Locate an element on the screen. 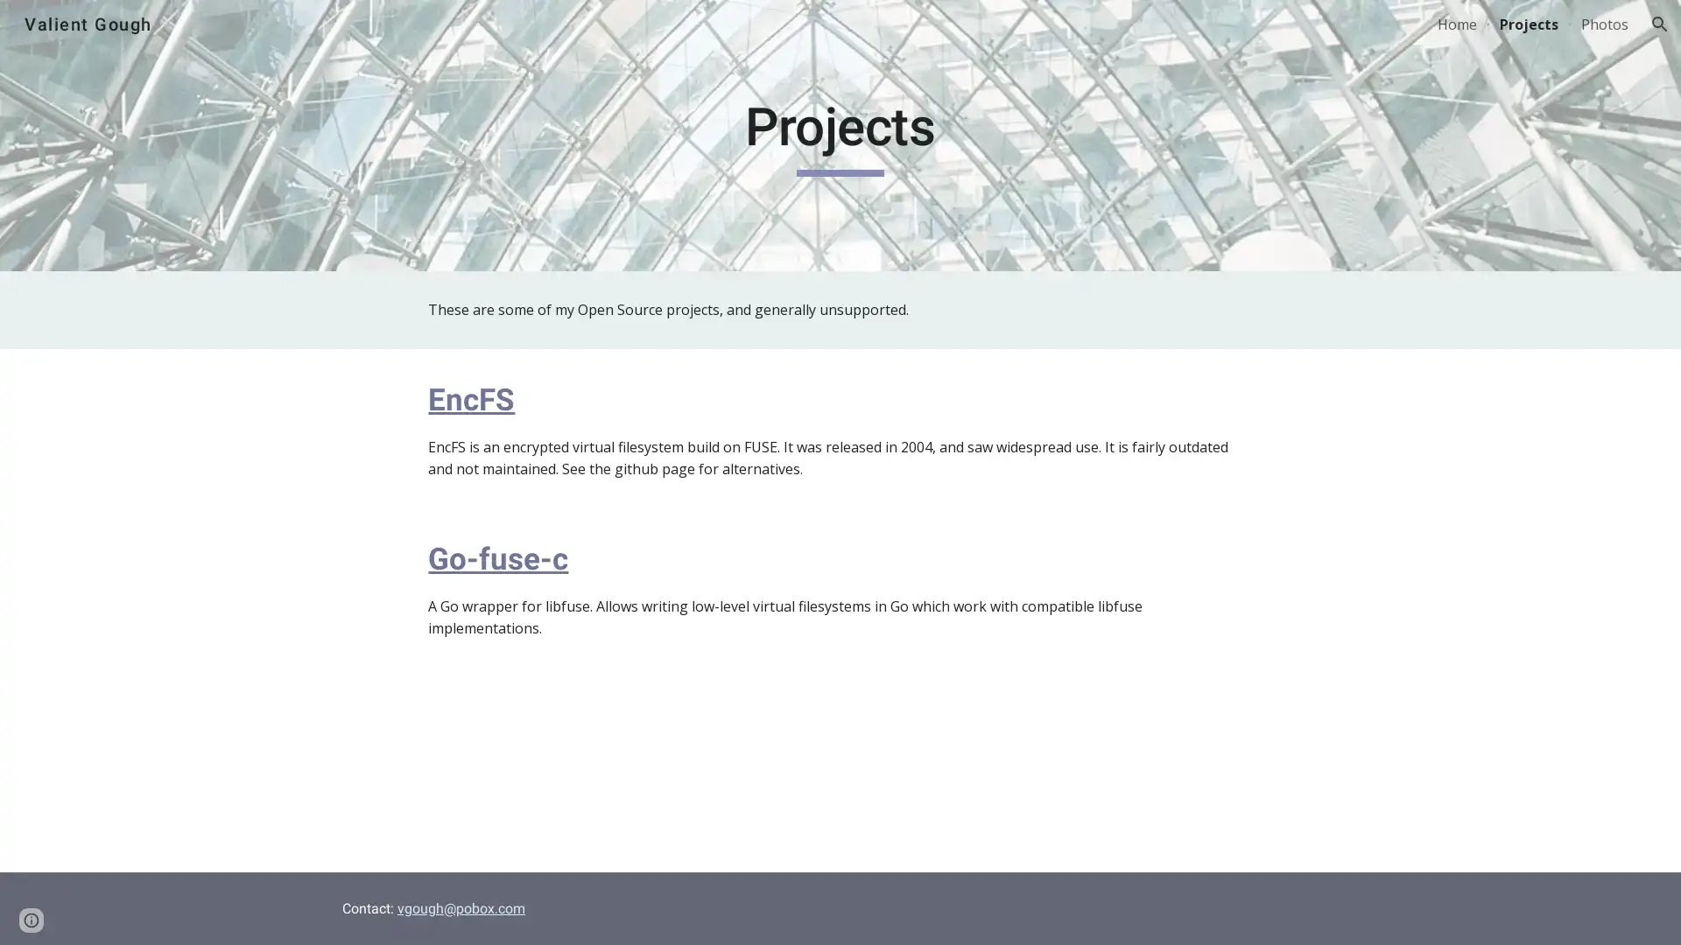 This screenshot has height=945, width=1681. Skip to navigation is located at coordinates (997, 32).